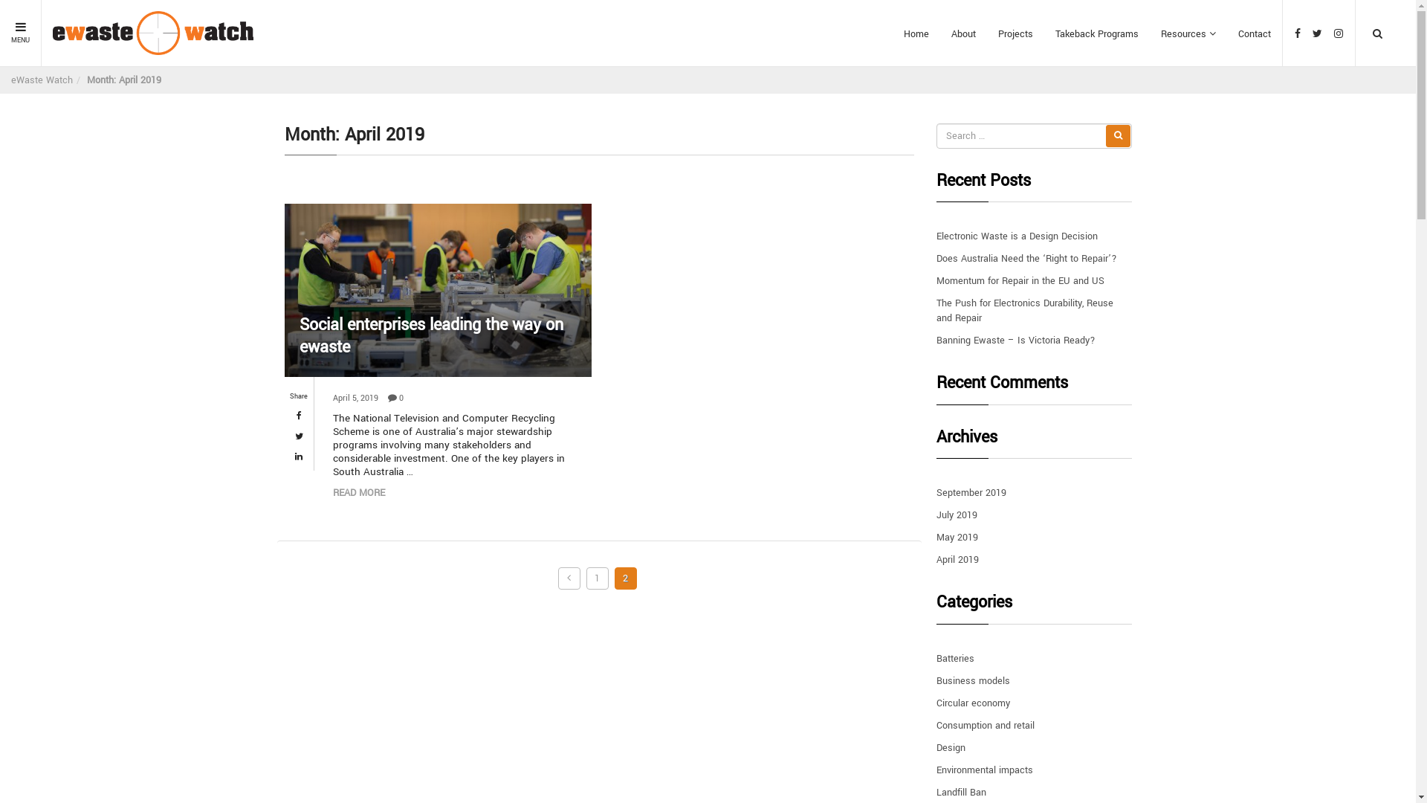 This screenshot has width=1427, height=803. What do you see at coordinates (598, 578) in the screenshot?
I see `'1'` at bounding box center [598, 578].